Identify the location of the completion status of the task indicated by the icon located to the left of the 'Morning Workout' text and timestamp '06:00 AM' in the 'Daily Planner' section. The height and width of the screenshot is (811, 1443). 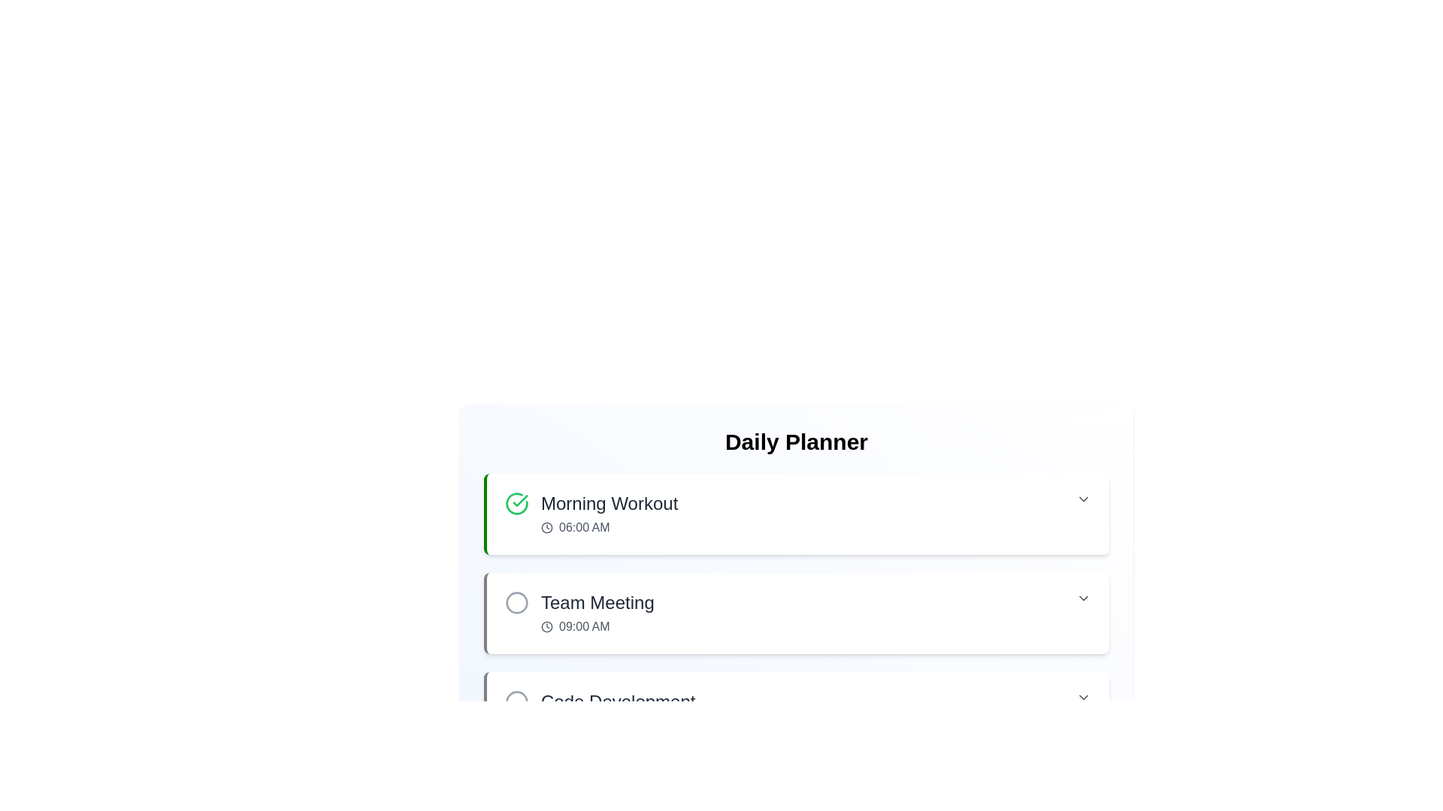
(516, 504).